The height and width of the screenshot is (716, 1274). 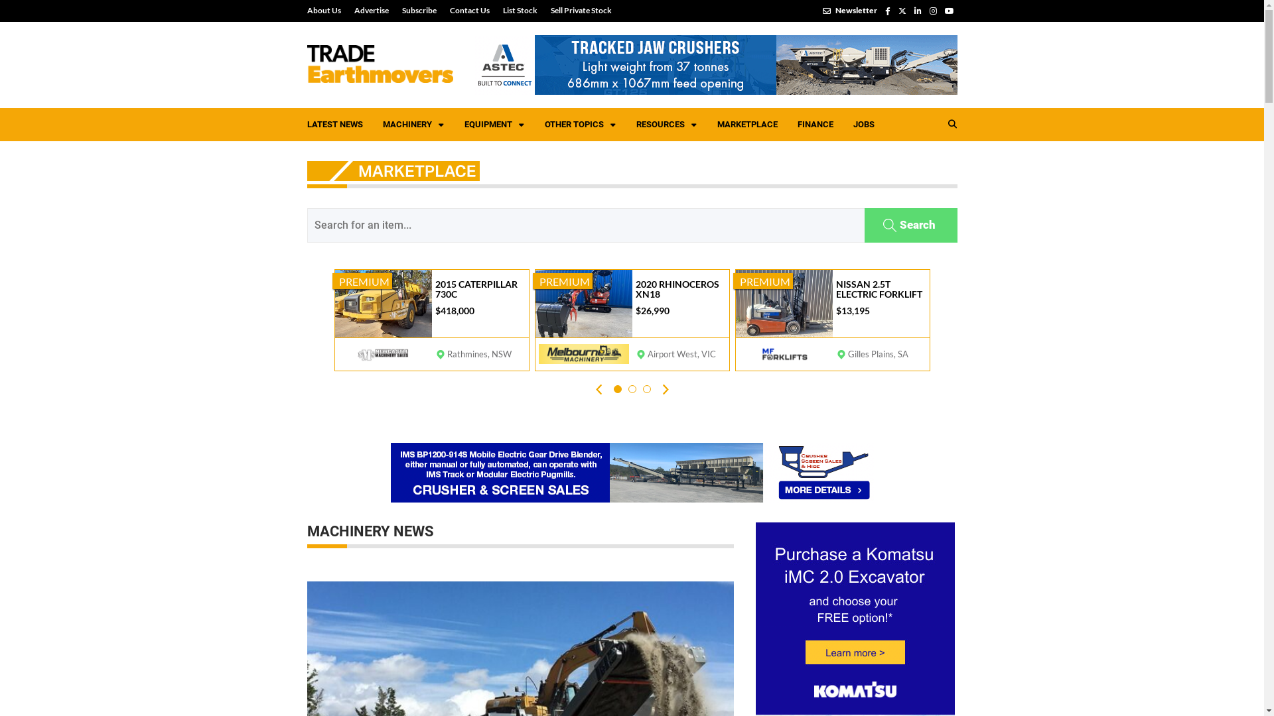 I want to click on 'PREMIUM, so click(x=630, y=320).